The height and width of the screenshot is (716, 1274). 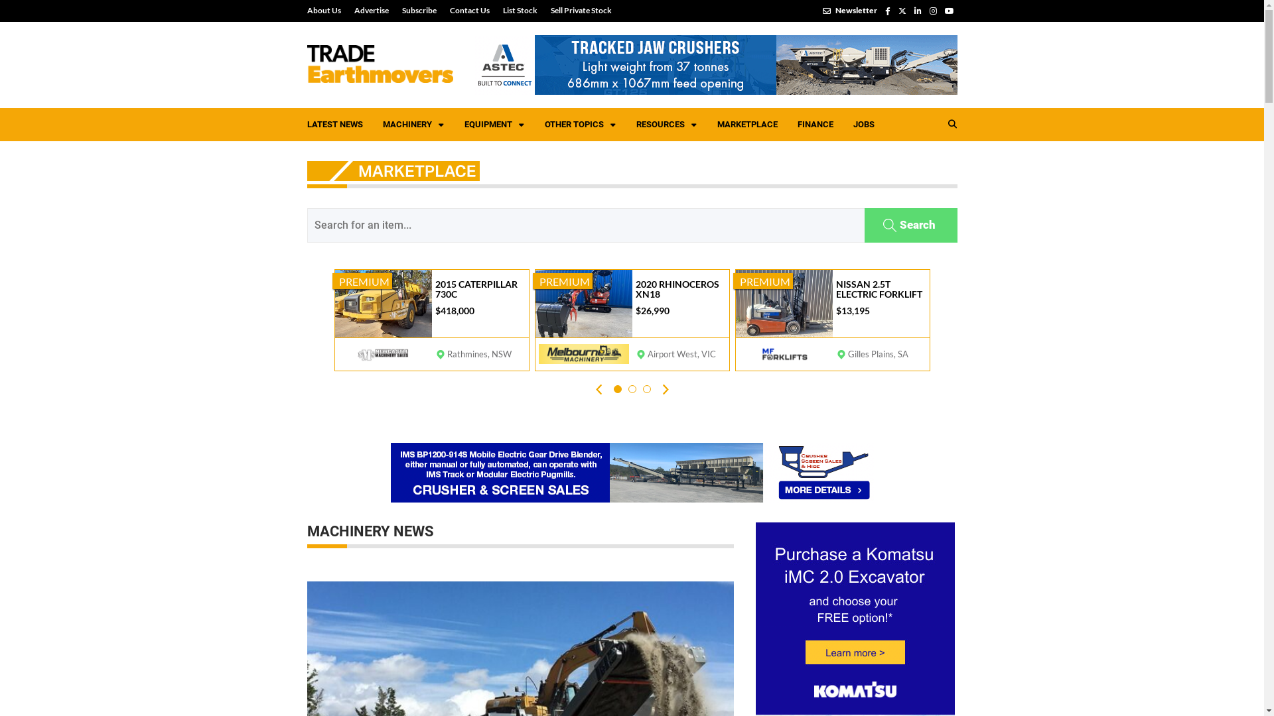 I want to click on 'PREMIUM, so click(x=630, y=320).